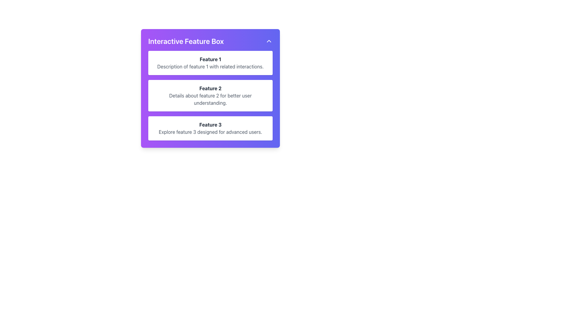  I want to click on the text element that contains 'Details about feature 2 for better user understanding.' located beneath the heading 'Feature 2' in a white rectangular section, so click(210, 99).